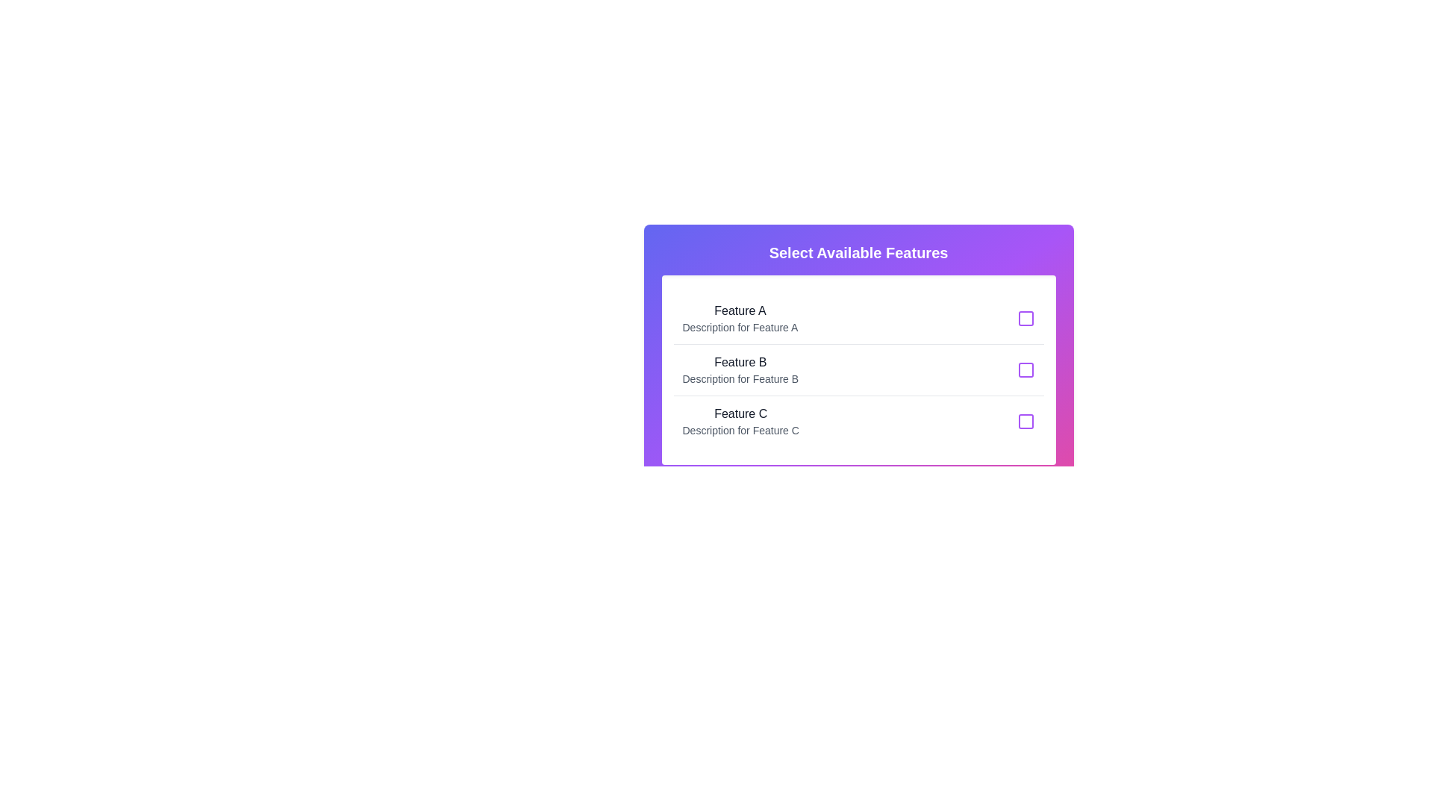 The height and width of the screenshot is (806, 1433). Describe the element at coordinates (740, 318) in the screenshot. I see `the informational text block that provides details about a feature, located under the header 'Select Available Features' at the top of the list` at that location.